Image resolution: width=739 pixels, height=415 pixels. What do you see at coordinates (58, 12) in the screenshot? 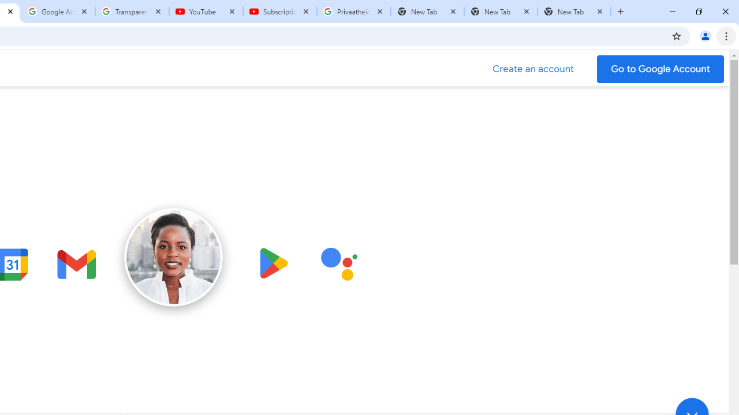
I see `'Google Account'` at bounding box center [58, 12].